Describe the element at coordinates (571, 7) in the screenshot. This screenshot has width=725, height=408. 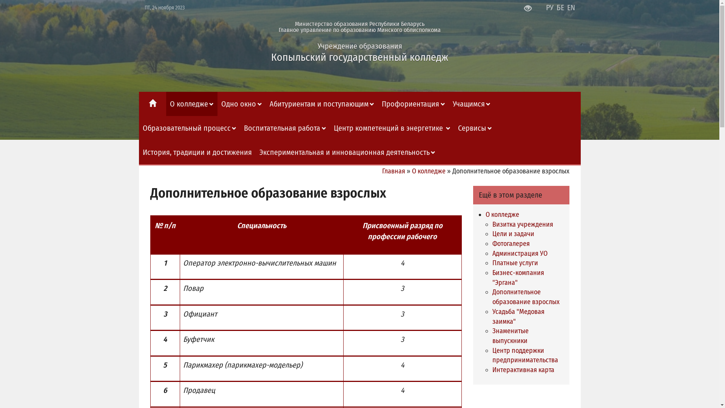
I see `'EN'` at that location.